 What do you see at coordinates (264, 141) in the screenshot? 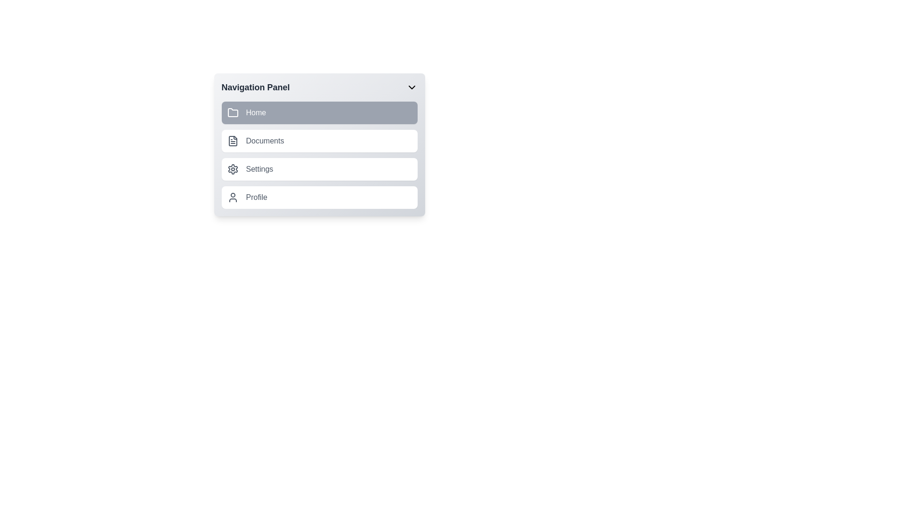
I see `the text label displaying 'Documents' which is located in the second row of the navigation panel, to the right of the document icon, for potential visual feedback` at bounding box center [264, 141].